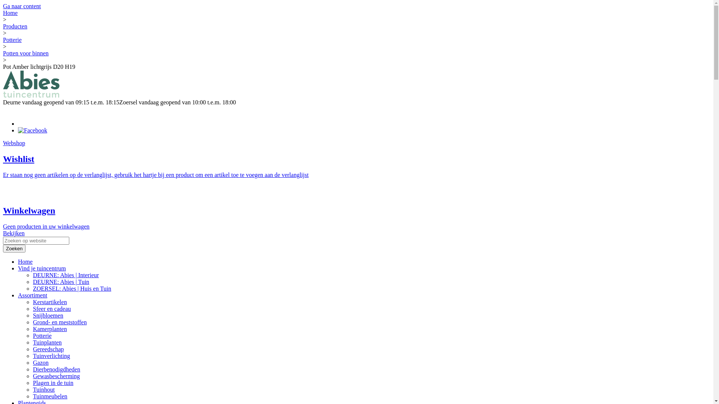  What do you see at coordinates (41, 268) in the screenshot?
I see `'Vind je tuincentrum'` at bounding box center [41, 268].